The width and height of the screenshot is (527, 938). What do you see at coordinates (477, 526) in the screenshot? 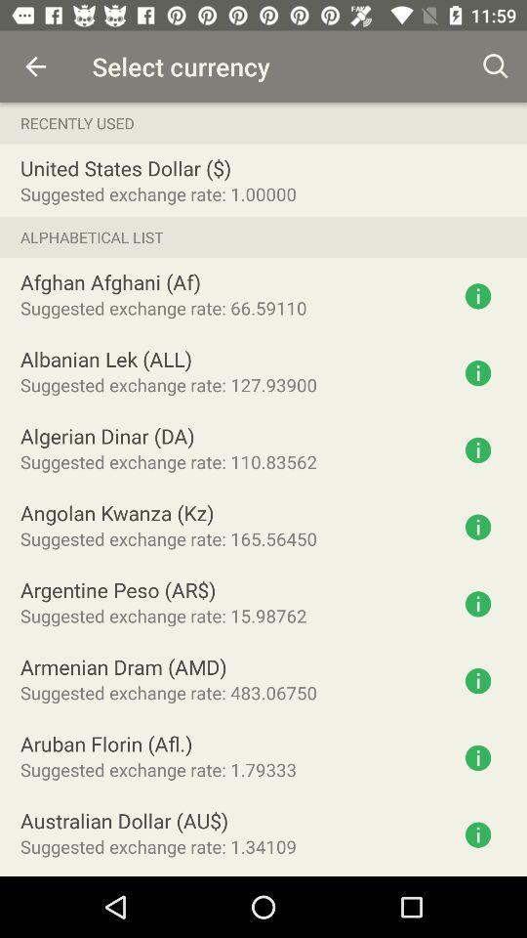
I see `more information` at bounding box center [477, 526].